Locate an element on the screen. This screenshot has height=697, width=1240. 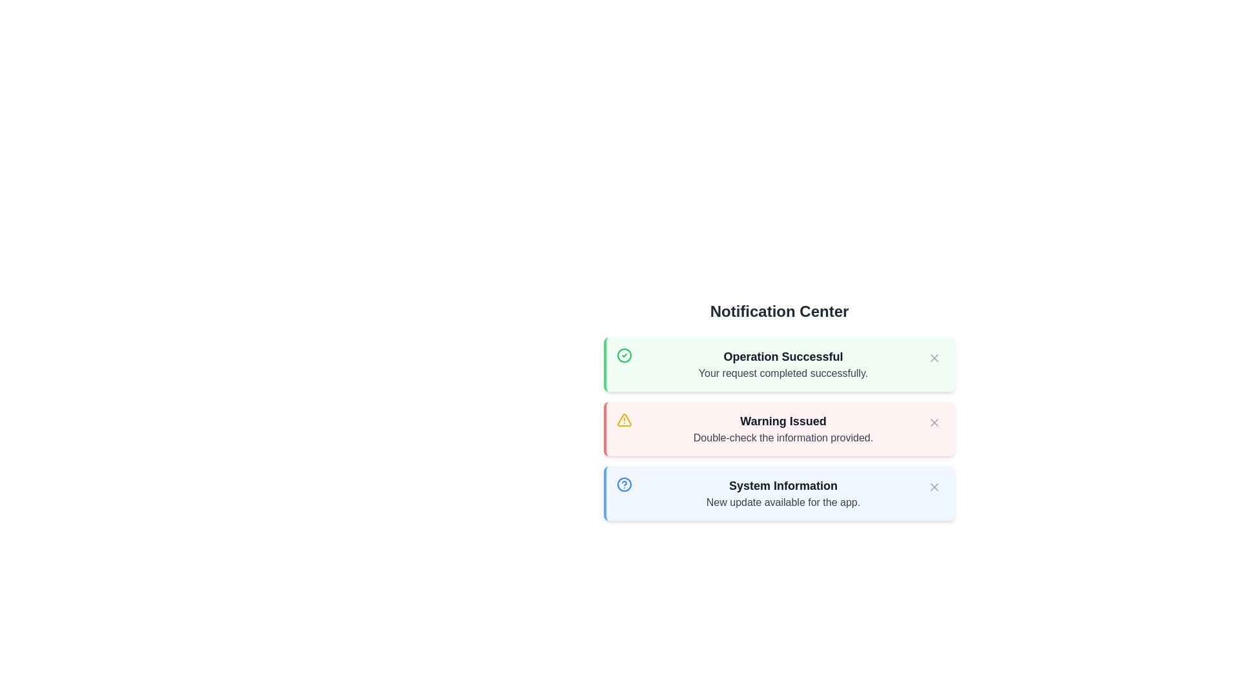
the question mark icon in the 'System Information' notification, which has a blue left border and a light blue background is located at coordinates (778, 493).